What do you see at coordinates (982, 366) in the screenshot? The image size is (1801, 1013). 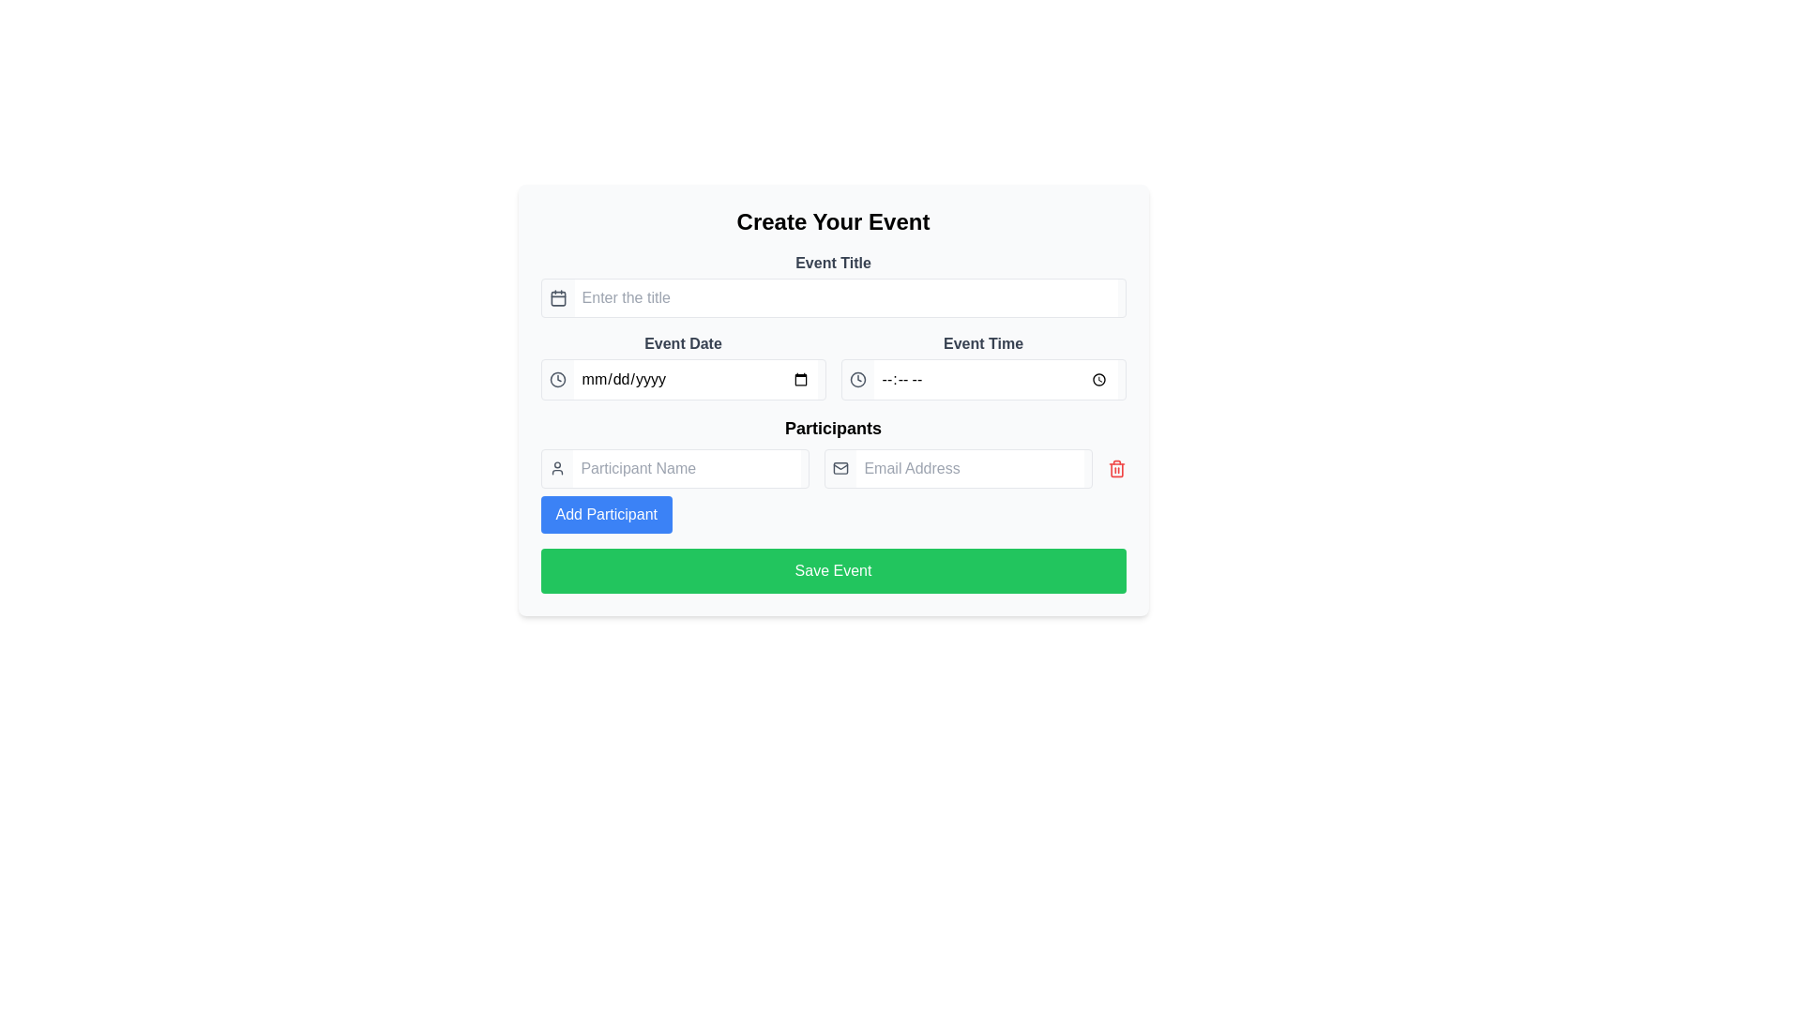 I see `the labeled time input field to focus and enter a time` at bounding box center [982, 366].